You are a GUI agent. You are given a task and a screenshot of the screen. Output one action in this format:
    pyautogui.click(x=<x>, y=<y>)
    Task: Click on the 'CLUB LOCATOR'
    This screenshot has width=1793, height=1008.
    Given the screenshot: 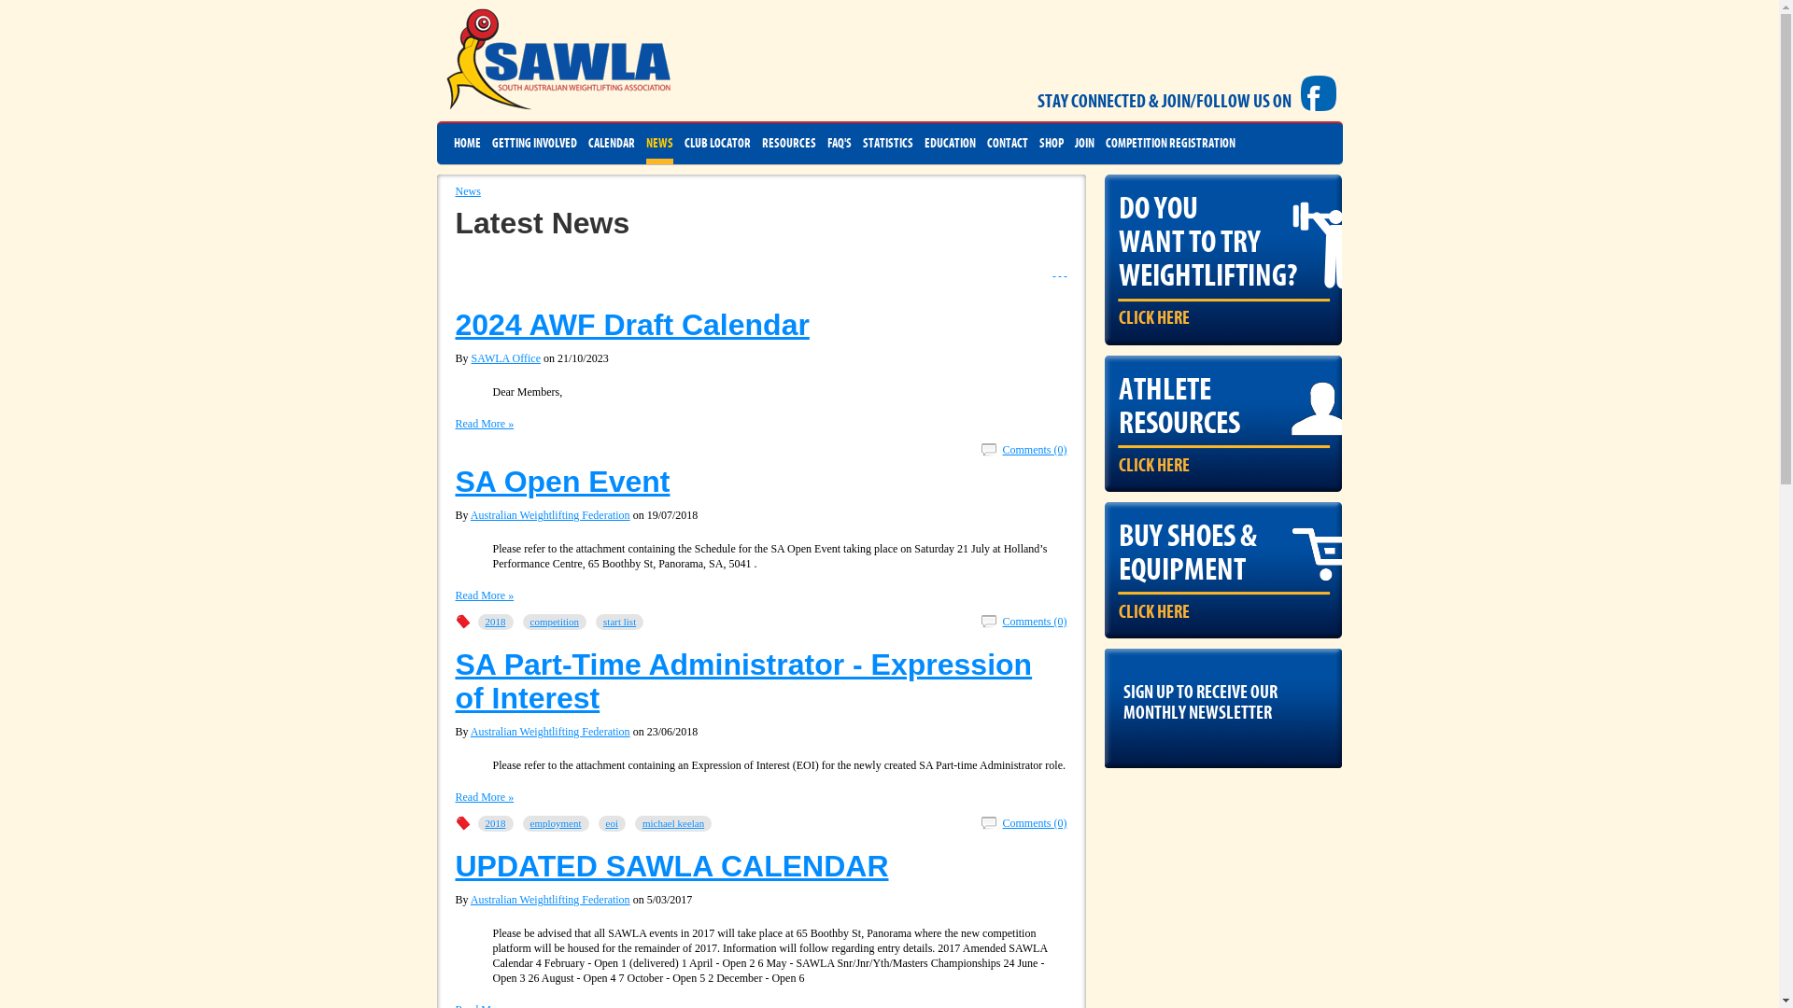 What is the action you would take?
    pyautogui.click(x=715, y=143)
    